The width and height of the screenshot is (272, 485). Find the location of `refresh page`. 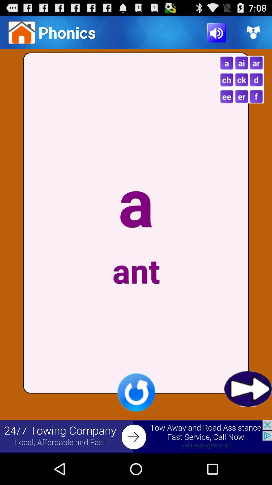

refresh page is located at coordinates (136, 392).